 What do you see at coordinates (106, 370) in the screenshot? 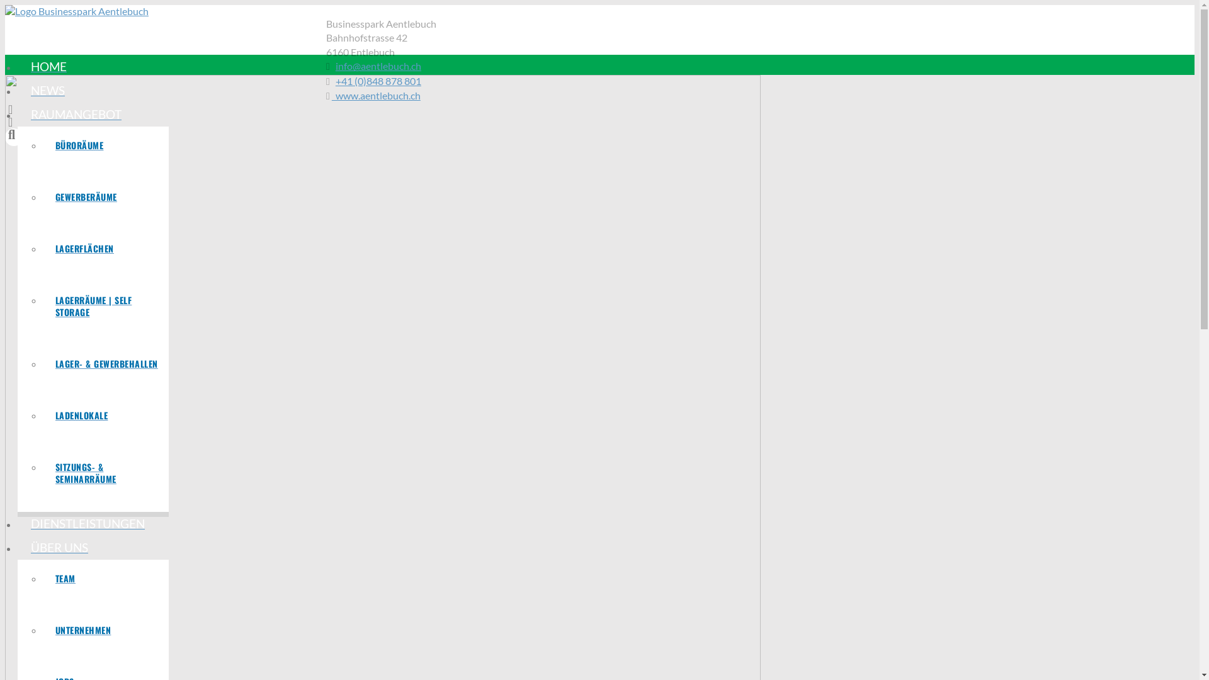
I see `'LAGER- & GEWERBEHALLEN'` at bounding box center [106, 370].